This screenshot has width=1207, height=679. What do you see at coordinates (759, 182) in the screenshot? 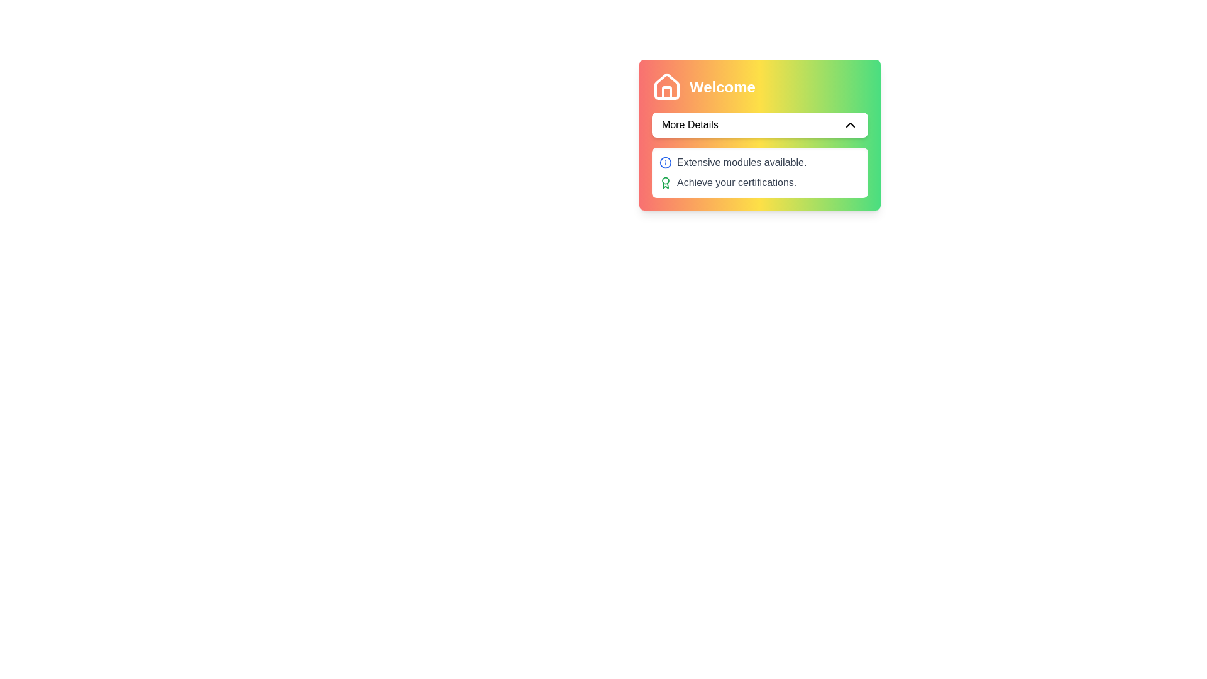
I see `the informational text-label combination with an icon that indicates certification opportunities, which is the second element in a vertical list inside a card` at bounding box center [759, 182].